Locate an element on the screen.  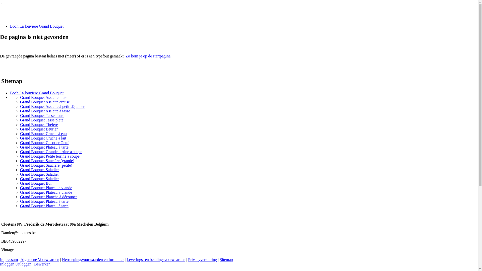
'Herroepingsvoorwaarden en formulier' is located at coordinates (93, 259).